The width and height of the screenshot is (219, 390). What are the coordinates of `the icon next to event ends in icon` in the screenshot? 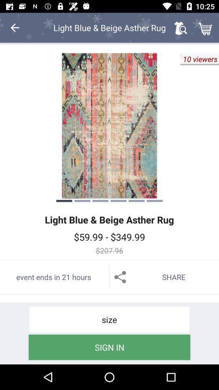 It's located at (164, 277).